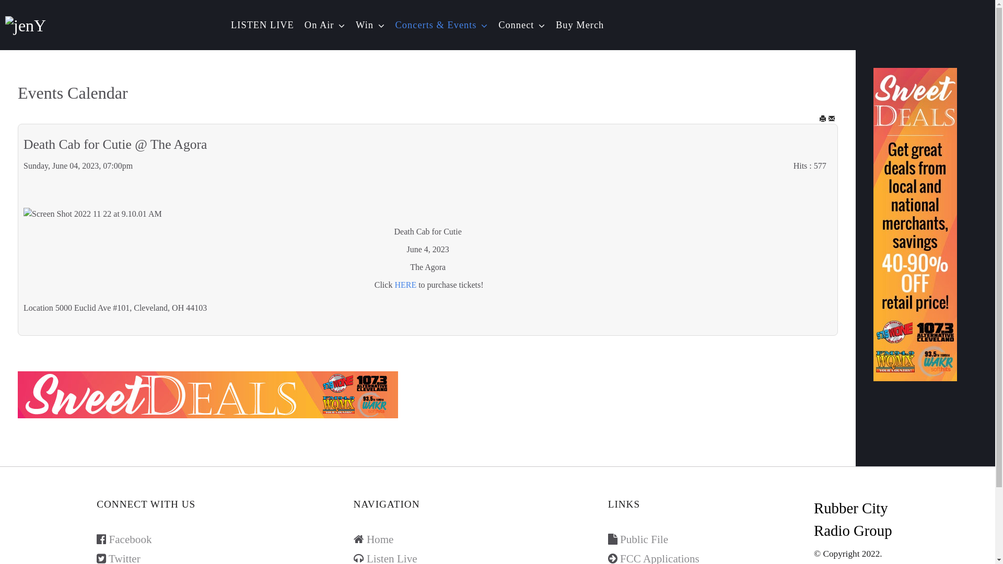  I want to click on 'LISTEN LIVE', so click(262, 24).